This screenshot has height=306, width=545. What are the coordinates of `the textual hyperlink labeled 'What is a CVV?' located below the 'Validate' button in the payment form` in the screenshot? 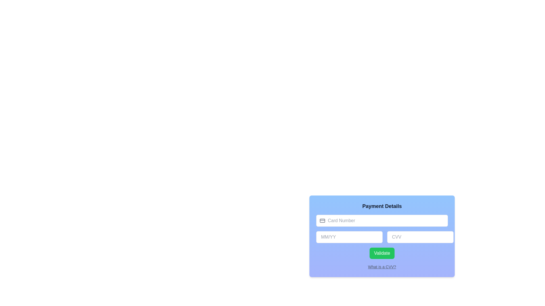 It's located at (382, 267).